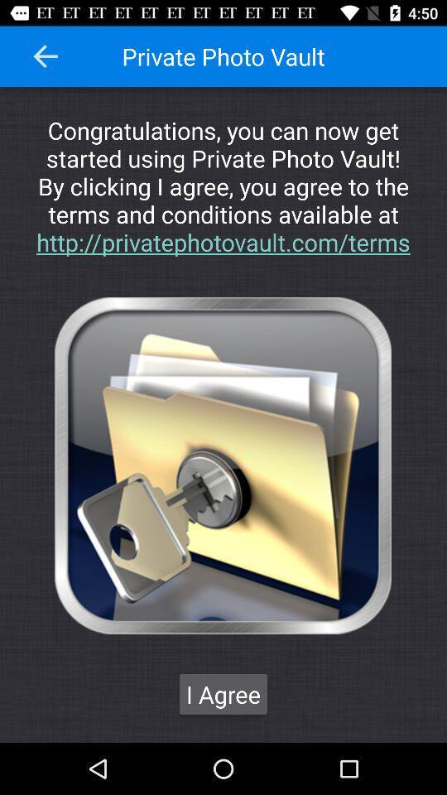 The image size is (447, 795). I want to click on the item above the congratulations you can, so click(46, 56).